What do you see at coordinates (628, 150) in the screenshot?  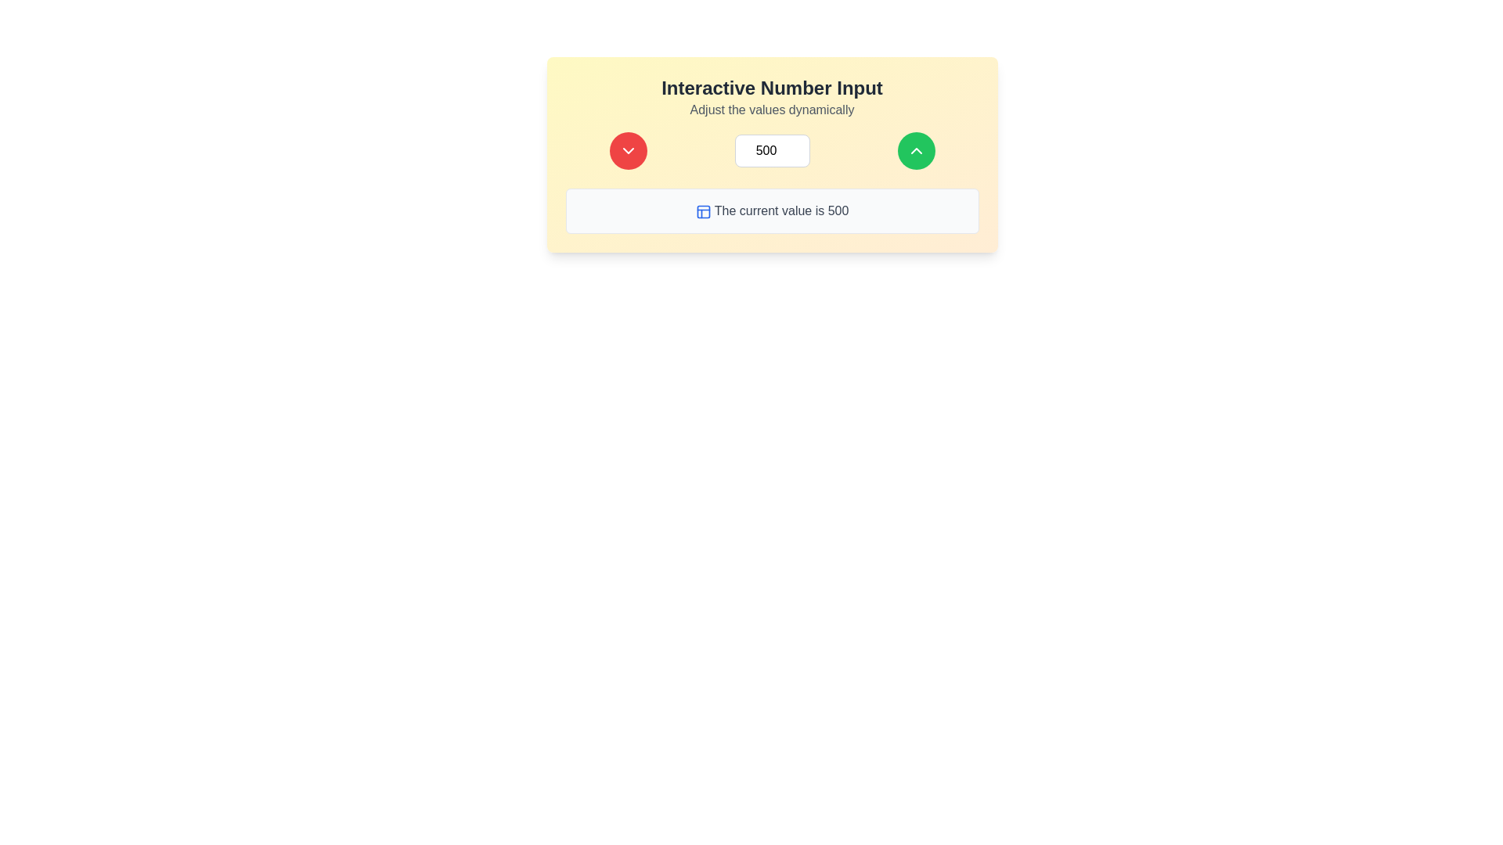 I see `the rounded red button with a white downwards-pointing chevron icon to decrement the value in the interactive number input interface` at bounding box center [628, 150].